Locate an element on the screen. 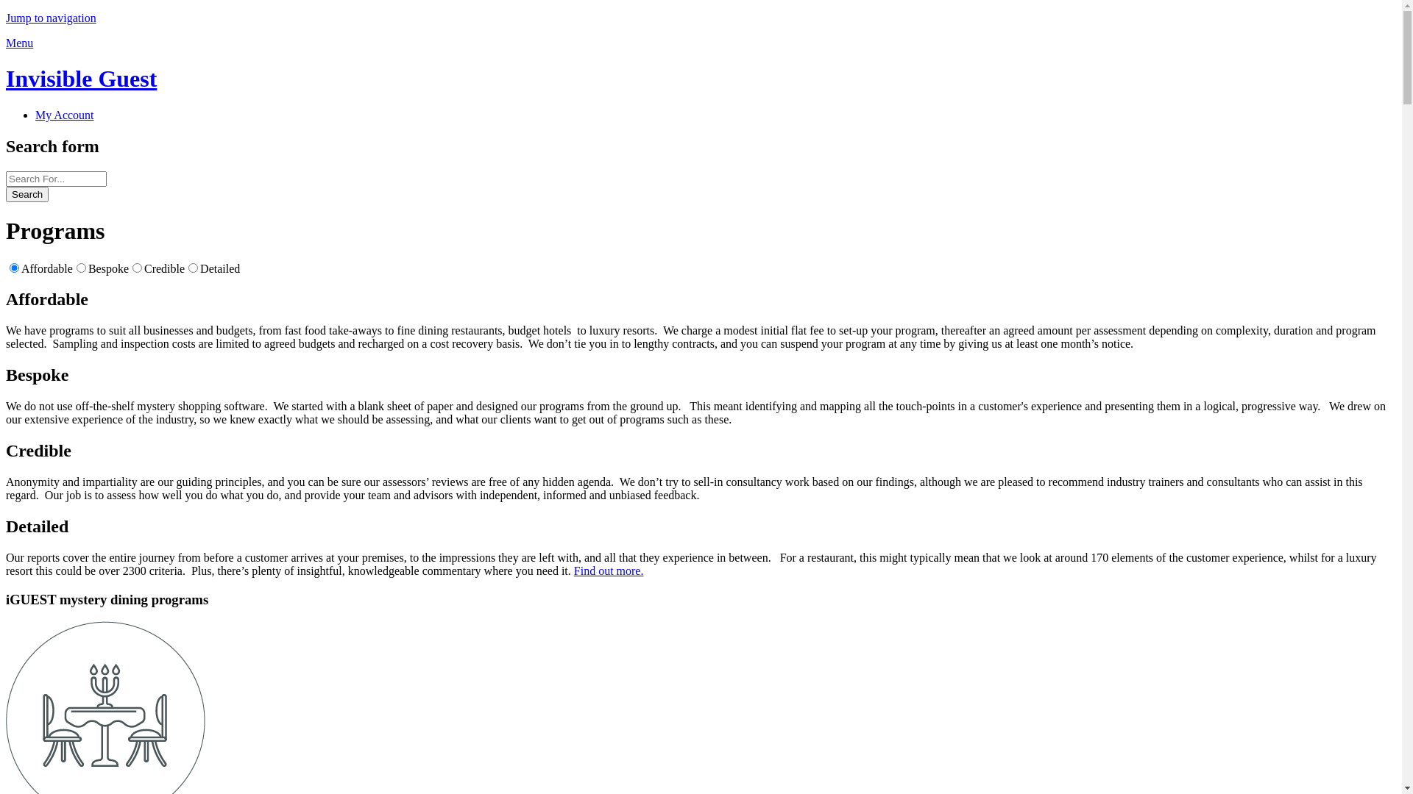  'Find out more.' is located at coordinates (609, 570).